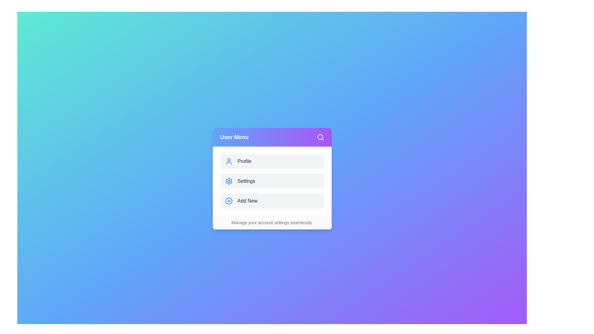  I want to click on the search icon in the header, so click(320, 137).